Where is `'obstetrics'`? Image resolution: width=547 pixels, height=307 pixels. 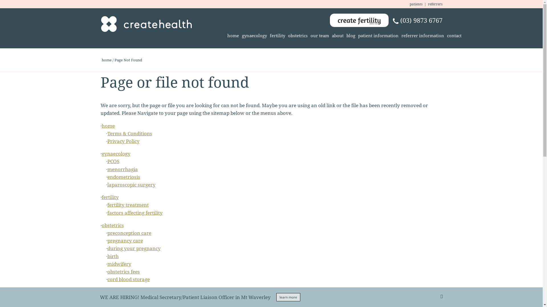 'obstetrics' is located at coordinates (112, 225).